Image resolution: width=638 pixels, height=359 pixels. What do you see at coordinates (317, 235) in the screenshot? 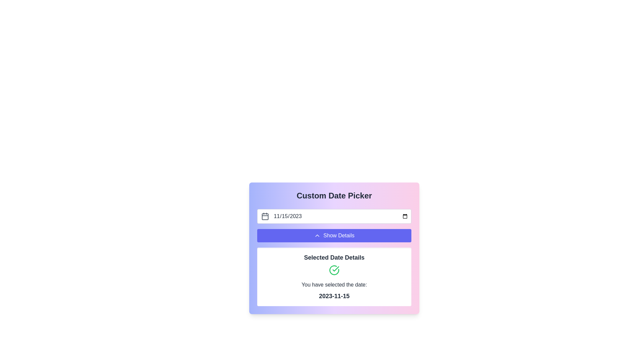
I see `the toggle icon located to the left of the 'Show Details' text on the button` at bounding box center [317, 235].